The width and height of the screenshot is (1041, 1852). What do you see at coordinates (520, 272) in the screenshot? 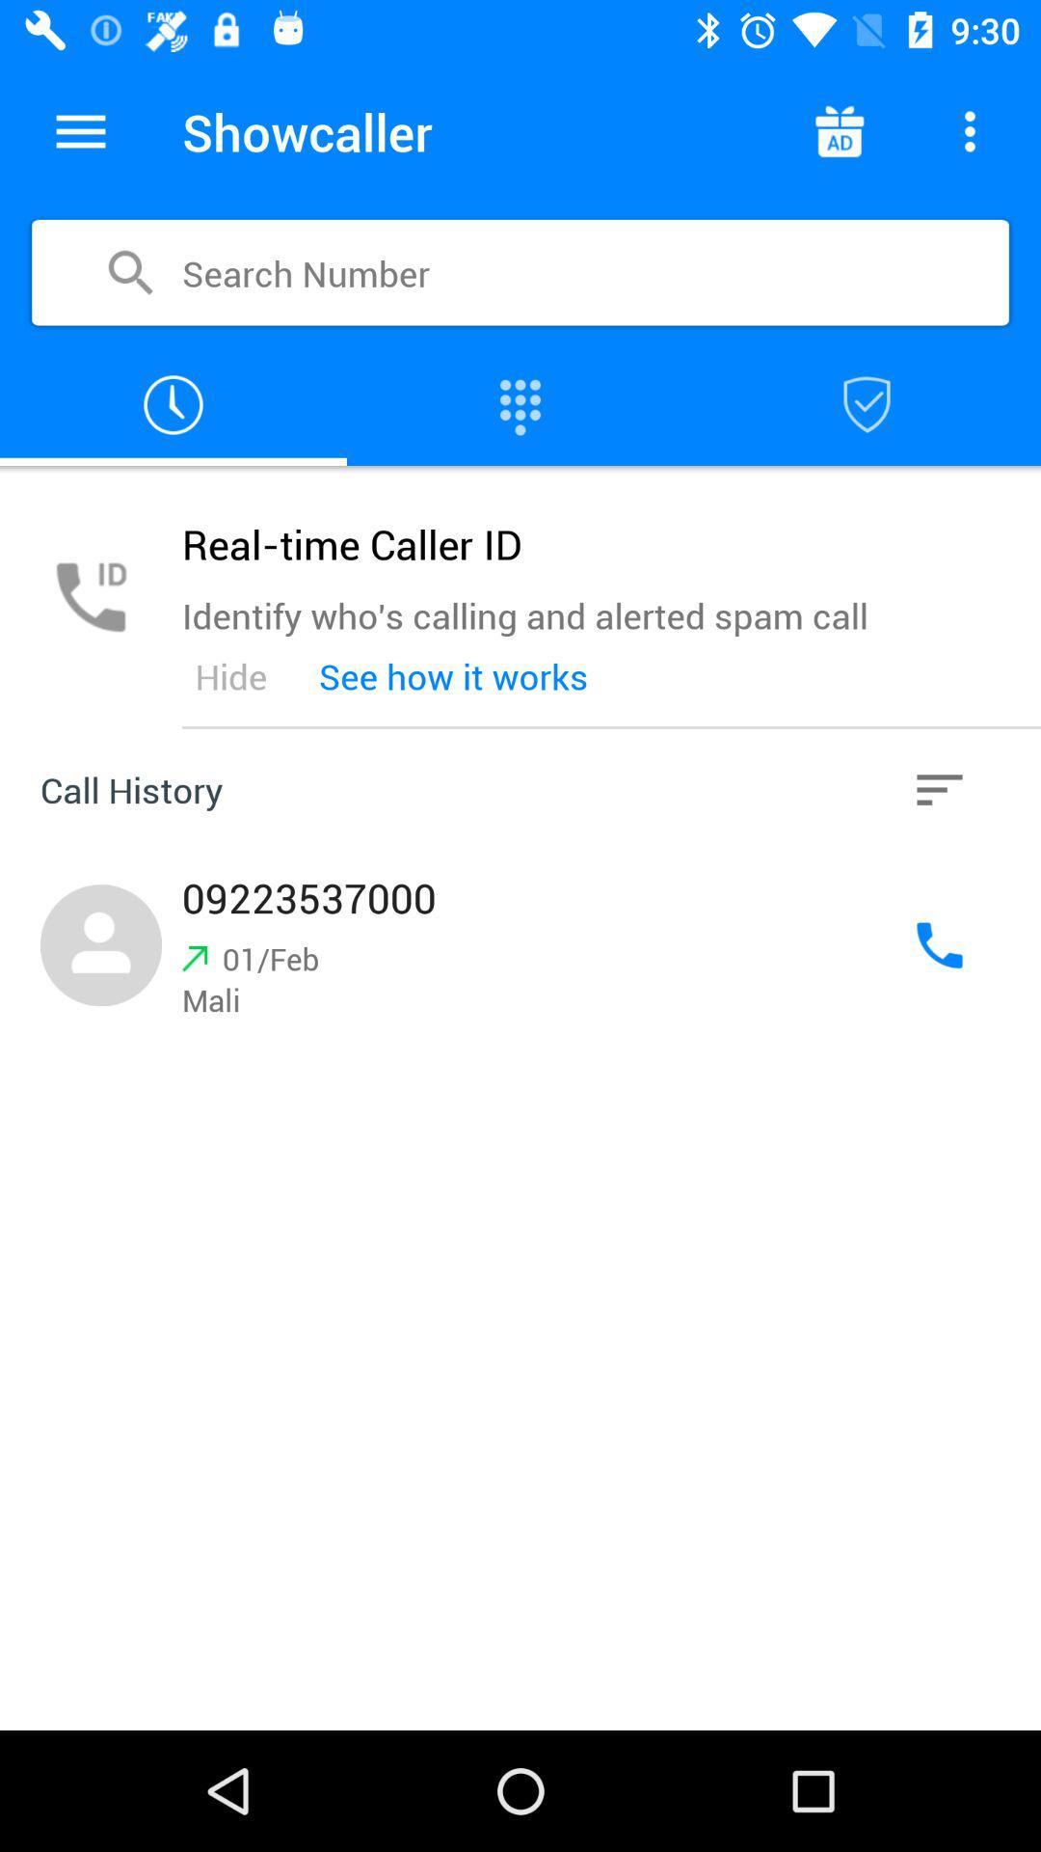
I see `the search box in the top` at bounding box center [520, 272].